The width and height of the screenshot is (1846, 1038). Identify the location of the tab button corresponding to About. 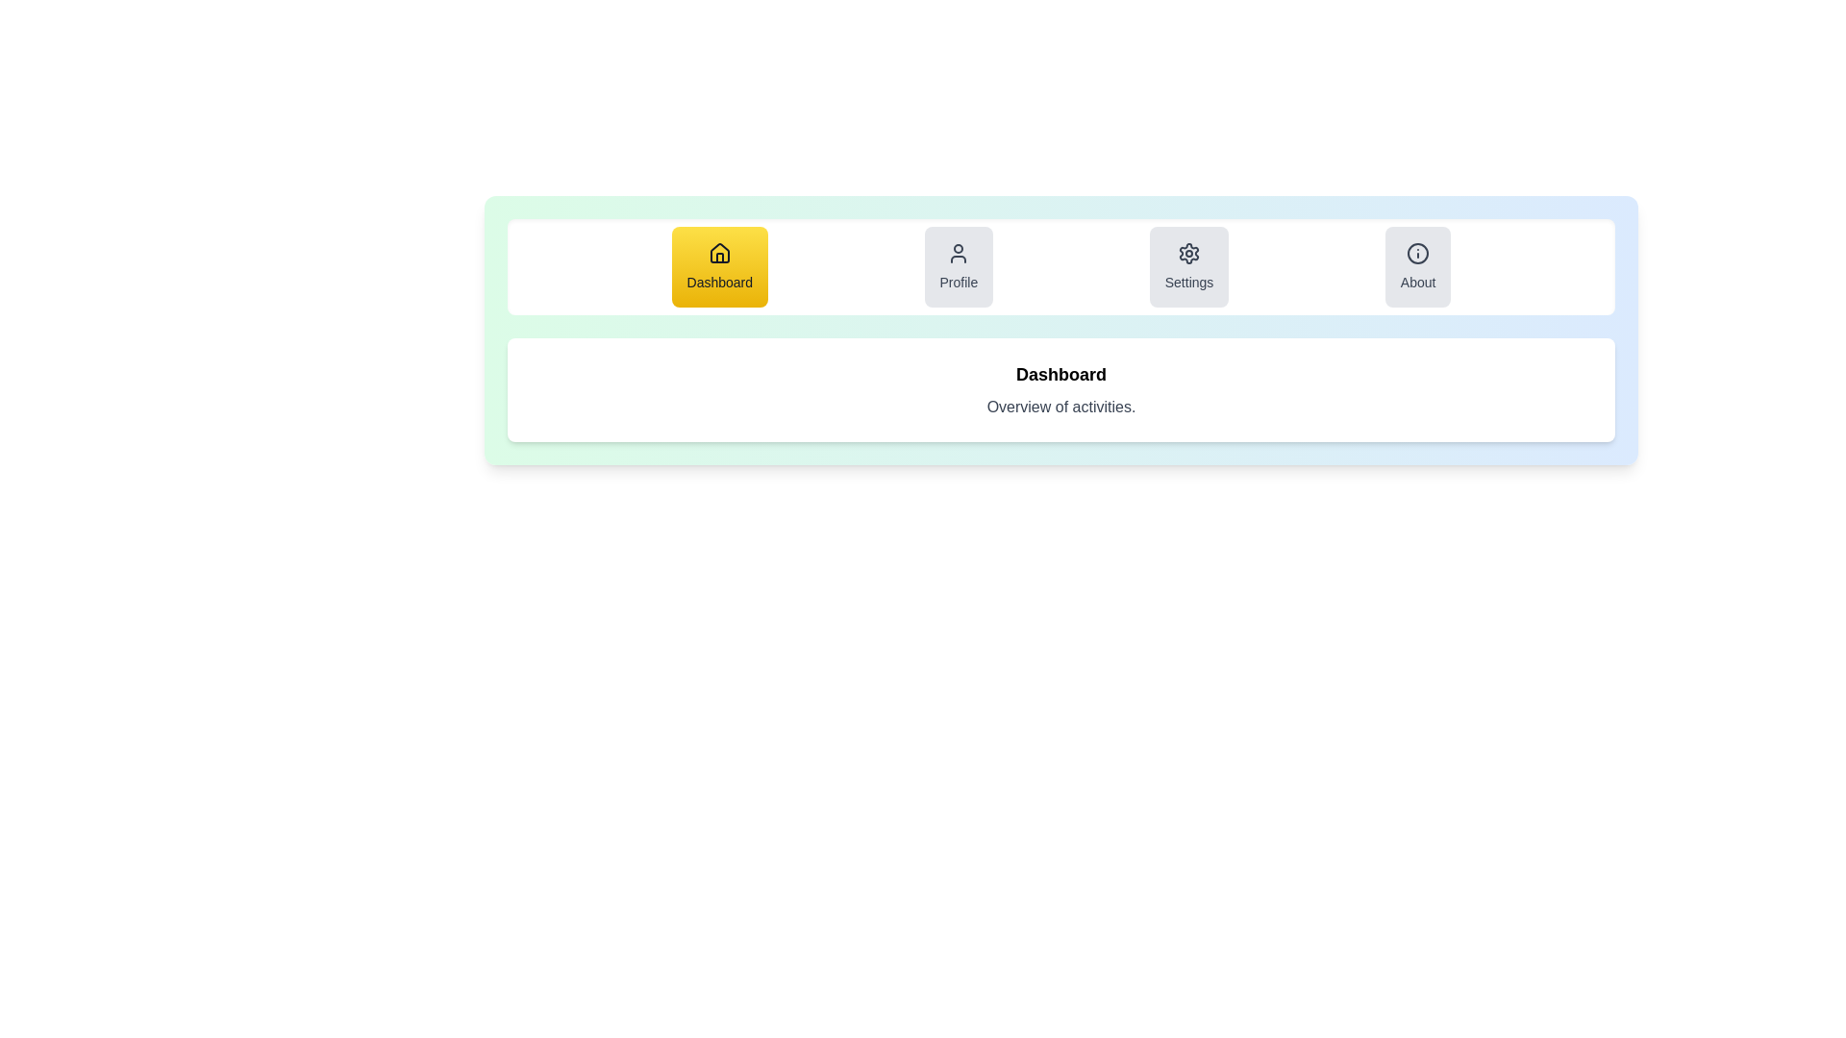
(1418, 266).